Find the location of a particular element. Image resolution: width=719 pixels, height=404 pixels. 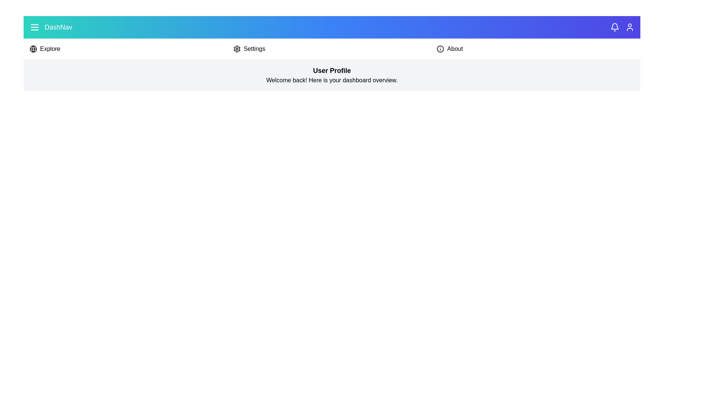

the user_icon to see its interactive state is located at coordinates (629, 27).